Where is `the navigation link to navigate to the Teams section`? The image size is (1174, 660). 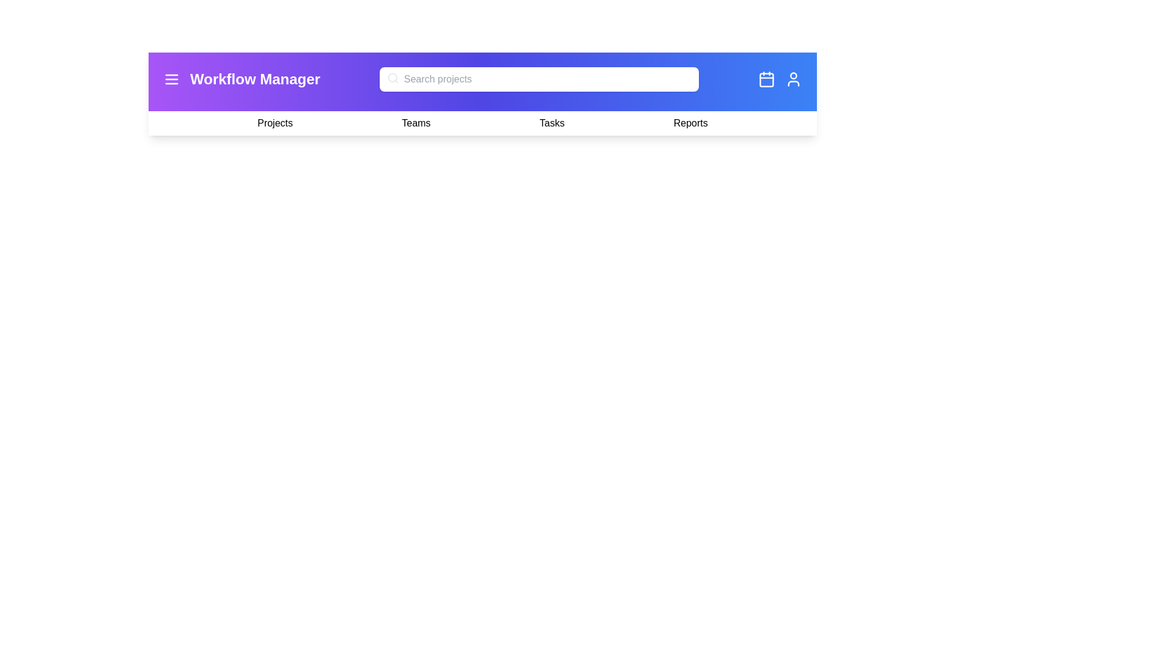
the navigation link to navigate to the Teams section is located at coordinates (416, 123).